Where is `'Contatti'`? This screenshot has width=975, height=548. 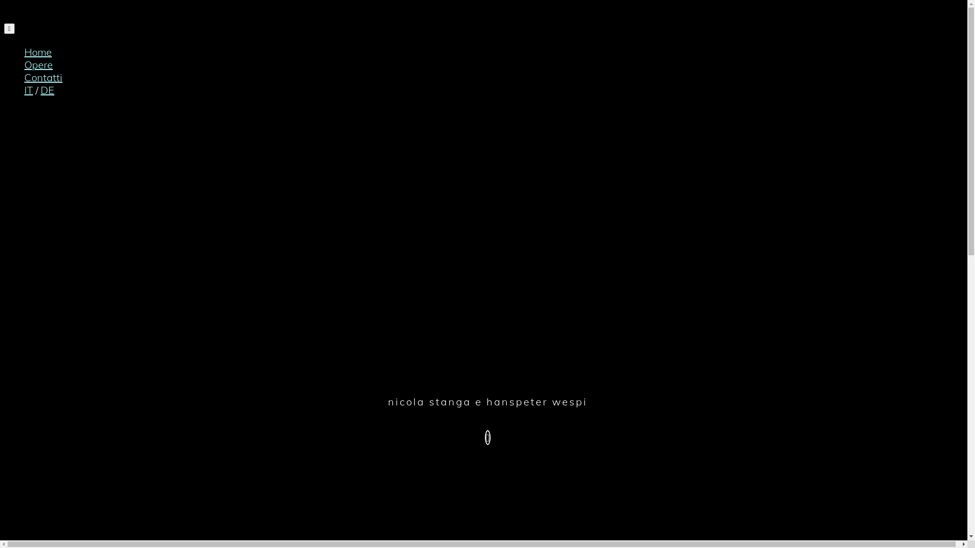 'Contatti' is located at coordinates (24, 77).